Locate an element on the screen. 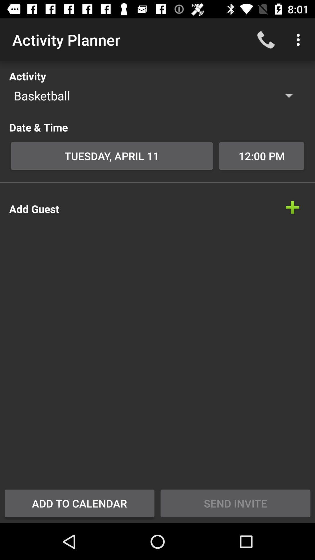  the item next to tuesday, april 11 icon is located at coordinates (261, 156).